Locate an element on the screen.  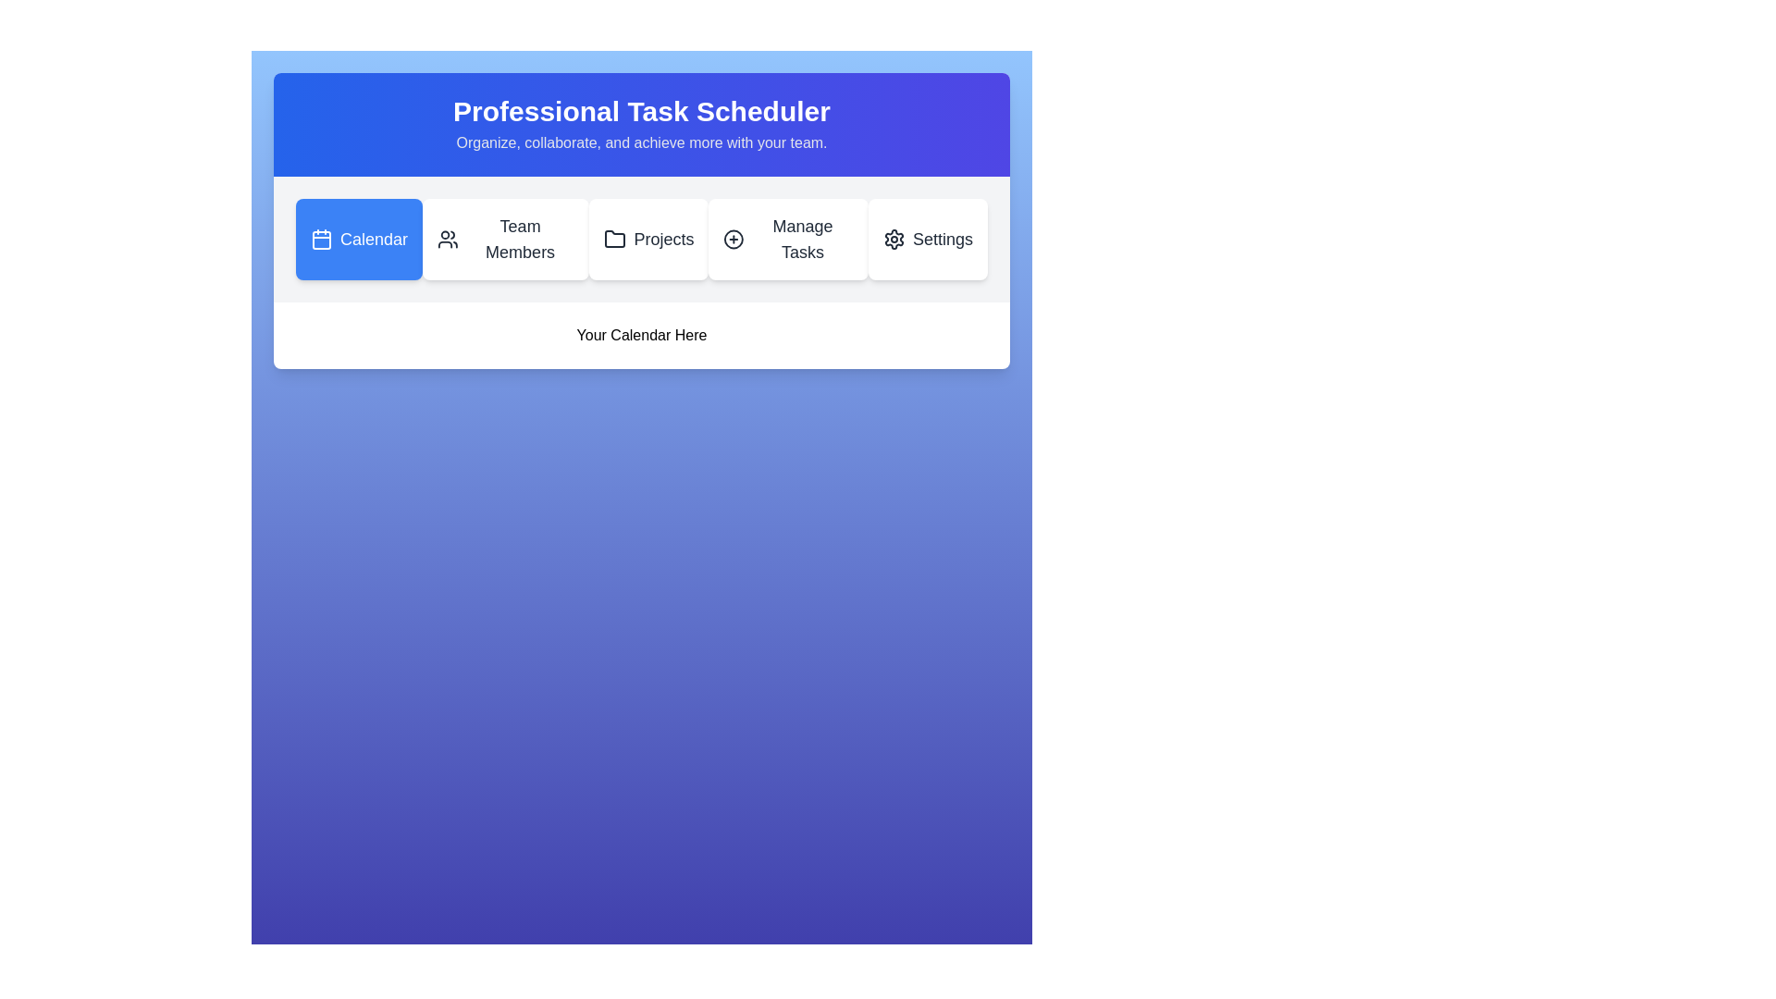
the 'Manage Tasks' button, which is a rectangular button with a circular '+' icon and is located between the 'Projects' and 'Settings' buttons in the horizontal menu bar is located at coordinates (788, 238).